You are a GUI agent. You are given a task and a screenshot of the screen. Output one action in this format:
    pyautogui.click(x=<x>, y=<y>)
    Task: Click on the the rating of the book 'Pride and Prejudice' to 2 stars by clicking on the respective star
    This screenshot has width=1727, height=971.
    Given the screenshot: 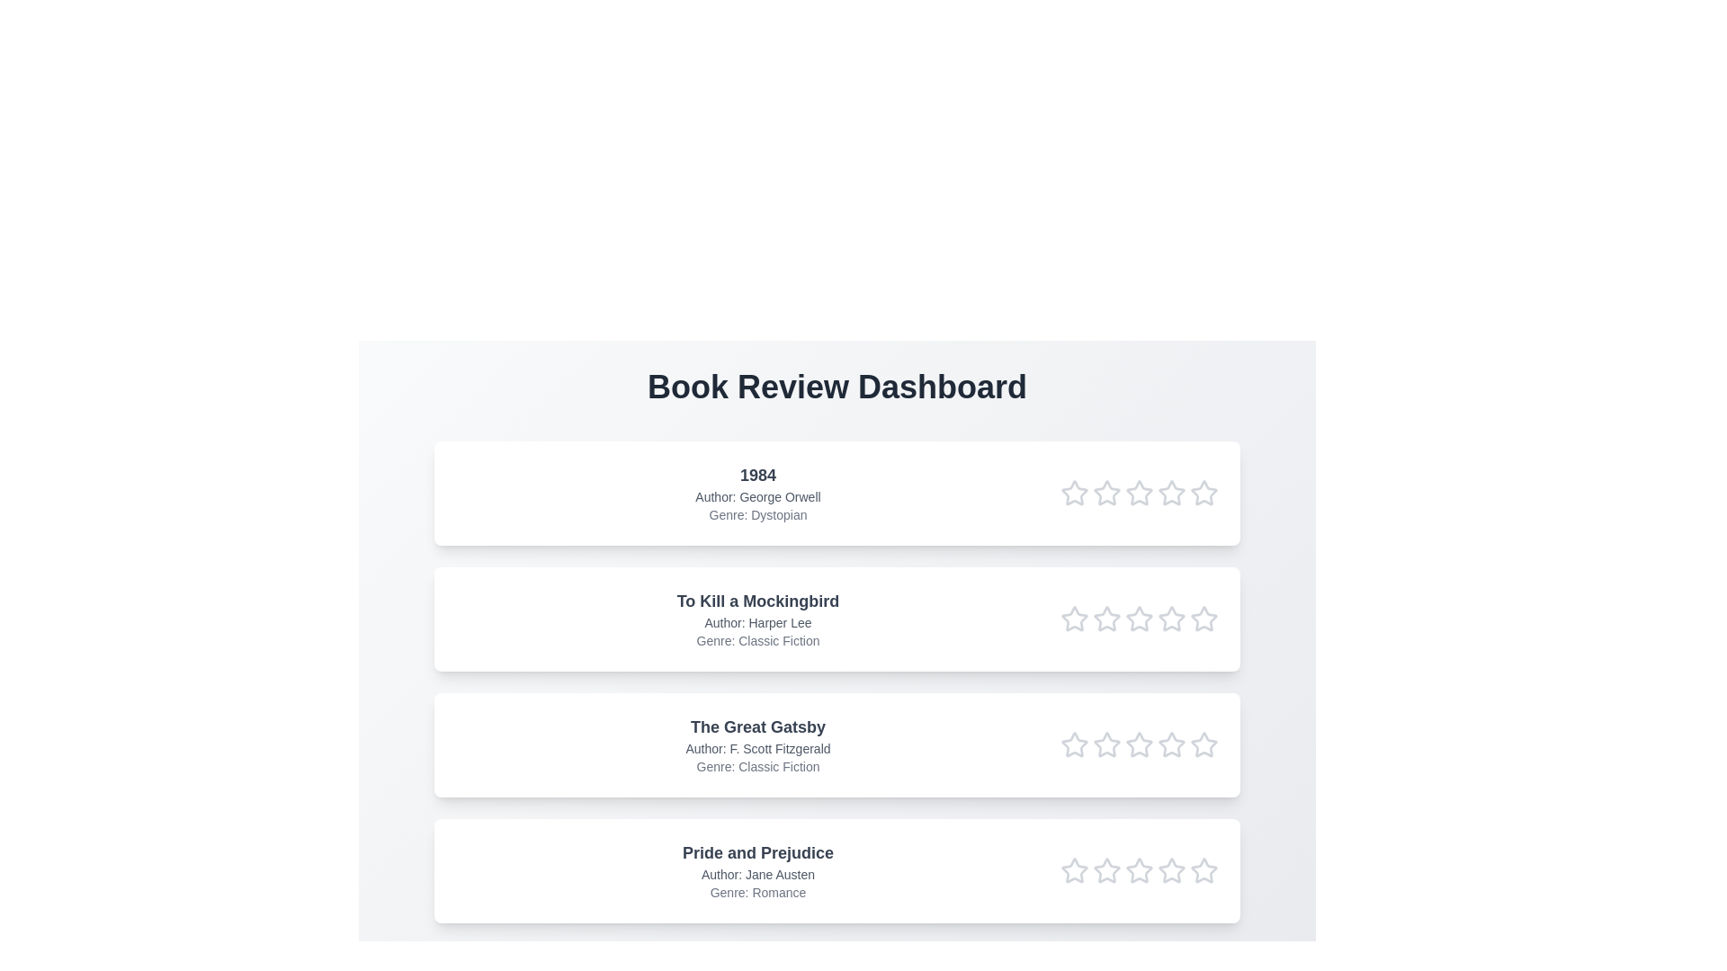 What is the action you would take?
    pyautogui.click(x=1105, y=869)
    